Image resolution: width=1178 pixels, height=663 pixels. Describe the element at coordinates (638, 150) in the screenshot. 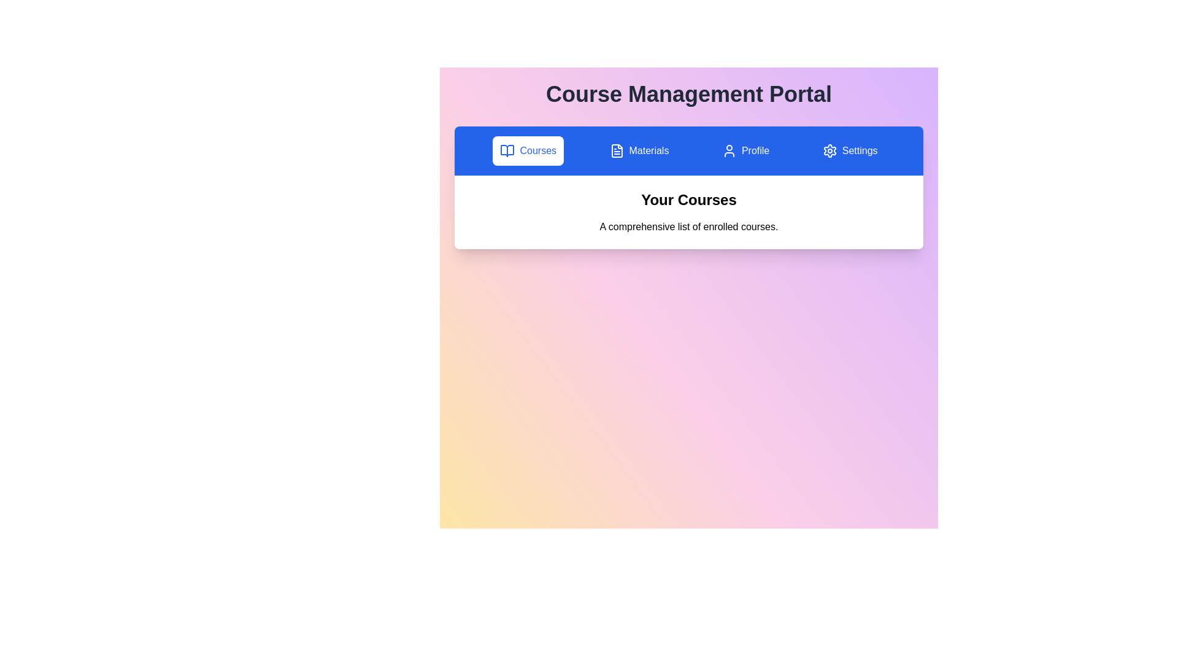

I see `the 'Materials' button, which has a blue background and white text` at that location.